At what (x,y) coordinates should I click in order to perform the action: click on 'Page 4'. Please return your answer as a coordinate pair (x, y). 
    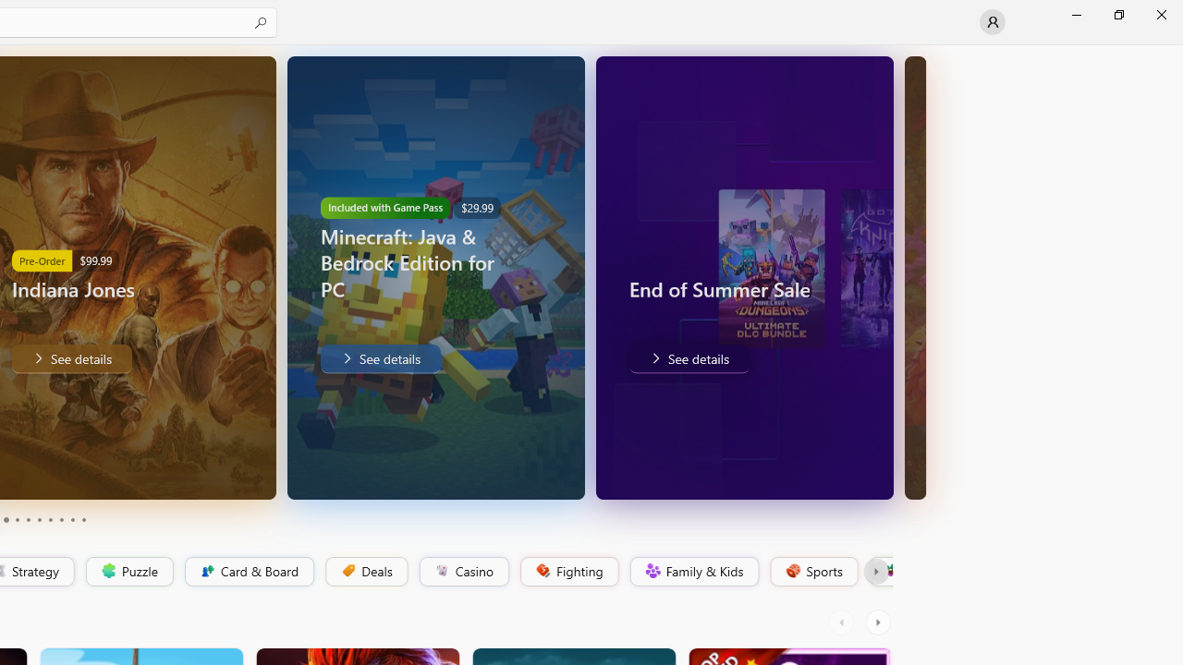
    Looking at the image, I should click on (16, 520).